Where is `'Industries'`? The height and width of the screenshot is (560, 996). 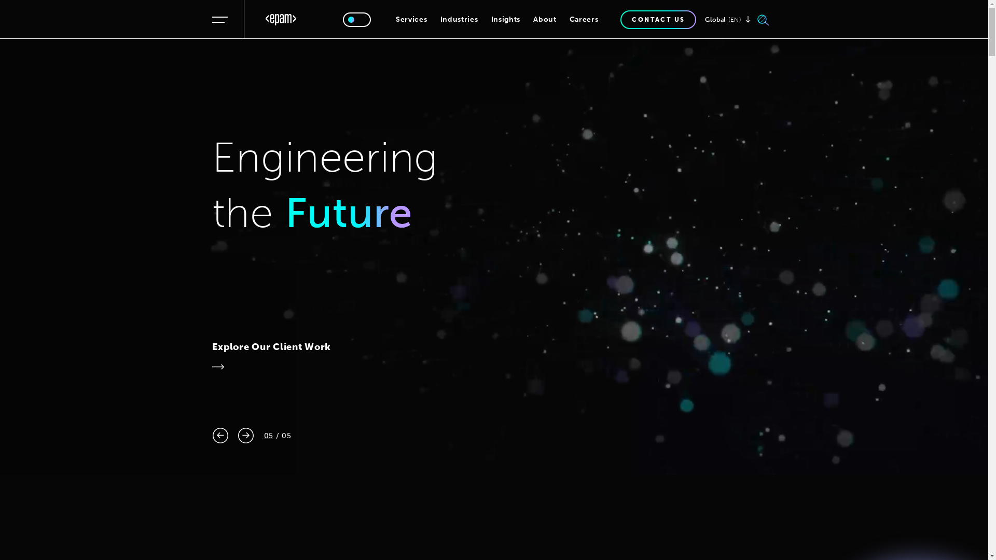
'Industries' is located at coordinates (458, 19).